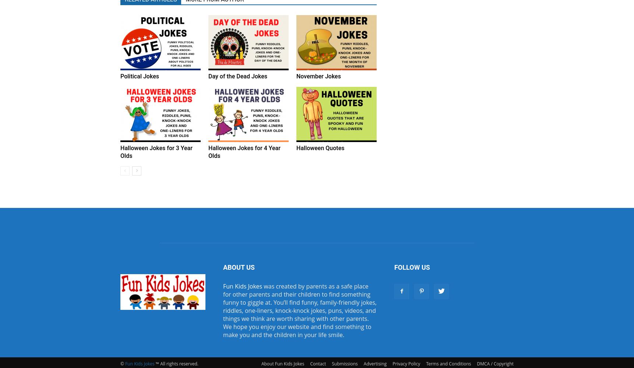 This screenshot has width=634, height=368. I want to click on 'November Jokes', so click(318, 76).